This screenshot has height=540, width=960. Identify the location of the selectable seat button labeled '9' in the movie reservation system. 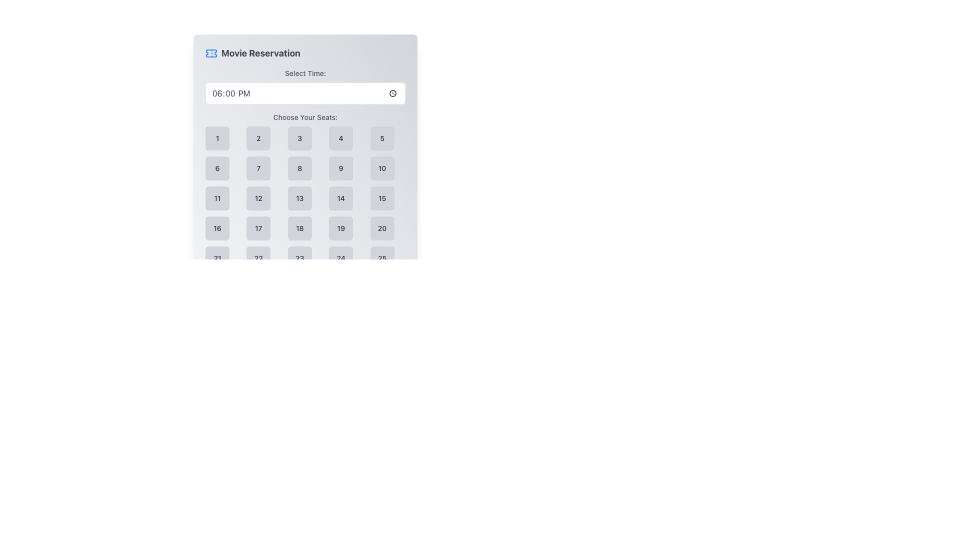
(341, 167).